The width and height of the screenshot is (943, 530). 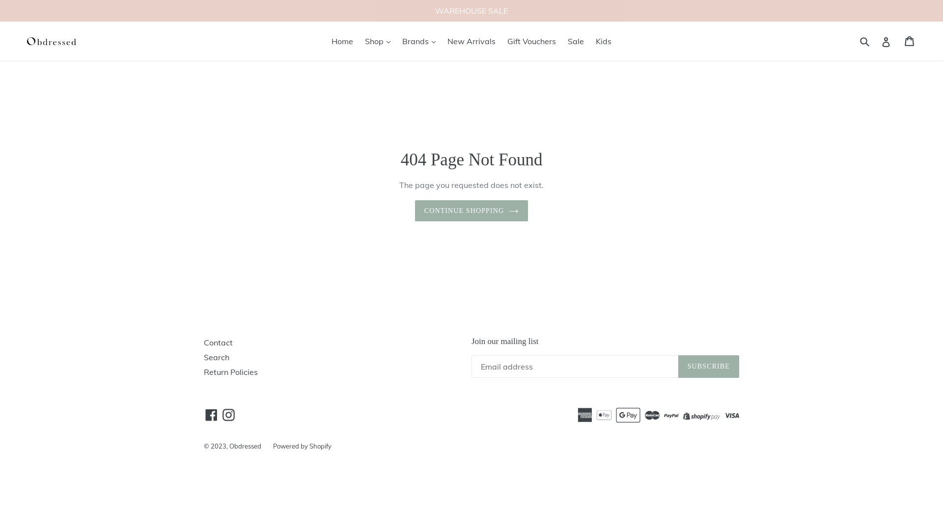 What do you see at coordinates (909, 41) in the screenshot?
I see `'Cart'` at bounding box center [909, 41].